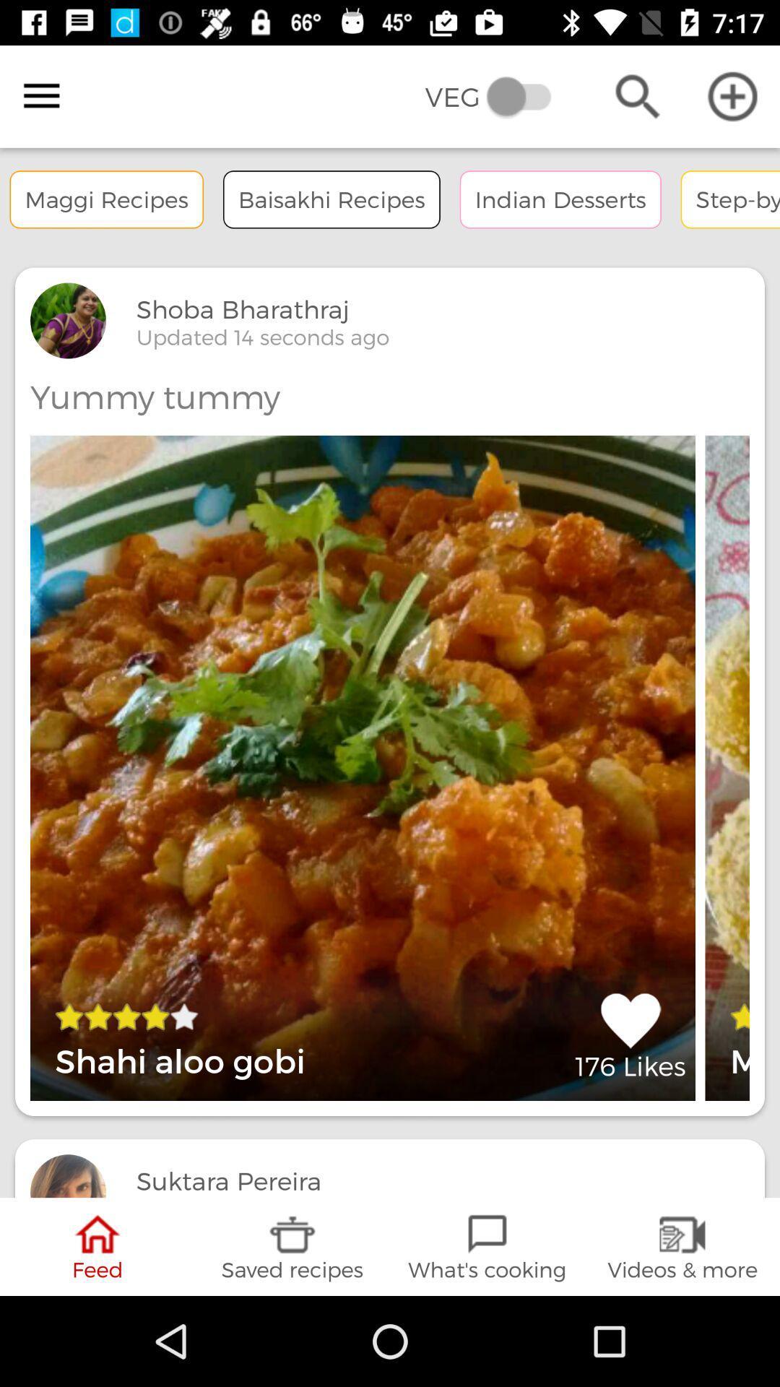 This screenshot has width=780, height=1387. Describe the element at coordinates (682, 1246) in the screenshot. I see `the icon next to what's cooking` at that location.